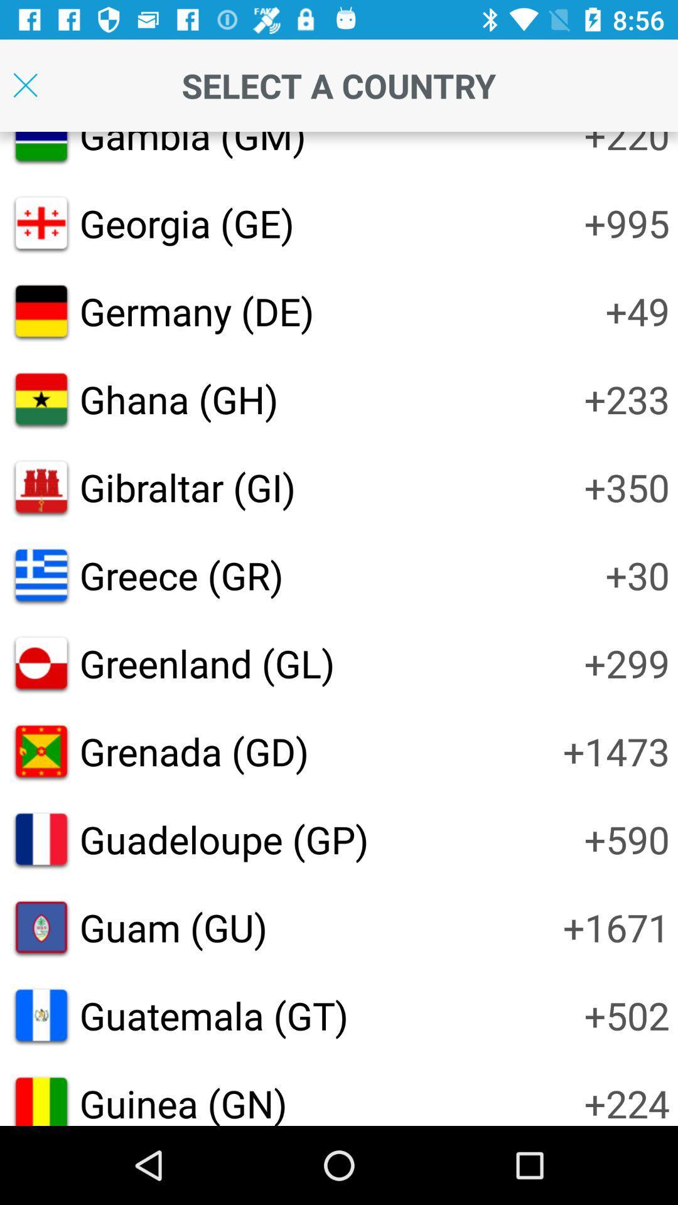  I want to click on the icon to the right of guatemala (gt) item, so click(627, 1015).